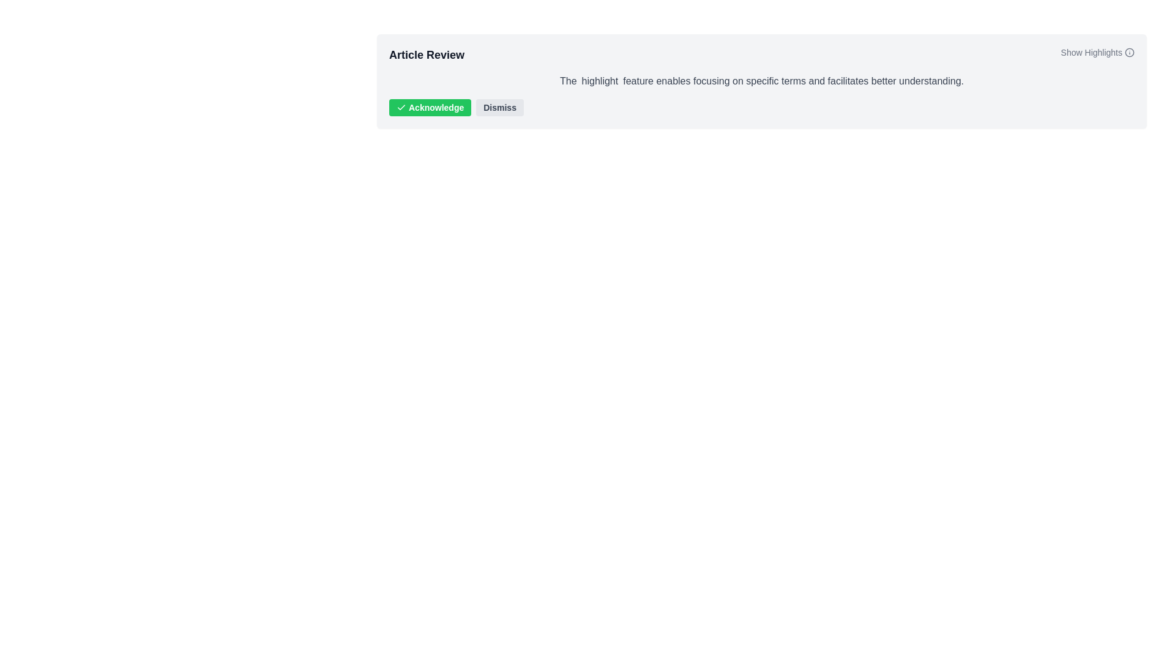 The height and width of the screenshot is (661, 1175). What do you see at coordinates (1097, 51) in the screenshot?
I see `the toggle button located at the far right of the 'Article Review' section header` at bounding box center [1097, 51].